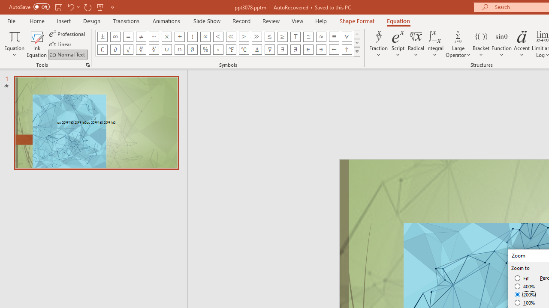 The width and height of the screenshot is (549, 308). What do you see at coordinates (283, 36) in the screenshot?
I see `'Equation Symbol Greater Than or Equal To'` at bounding box center [283, 36].